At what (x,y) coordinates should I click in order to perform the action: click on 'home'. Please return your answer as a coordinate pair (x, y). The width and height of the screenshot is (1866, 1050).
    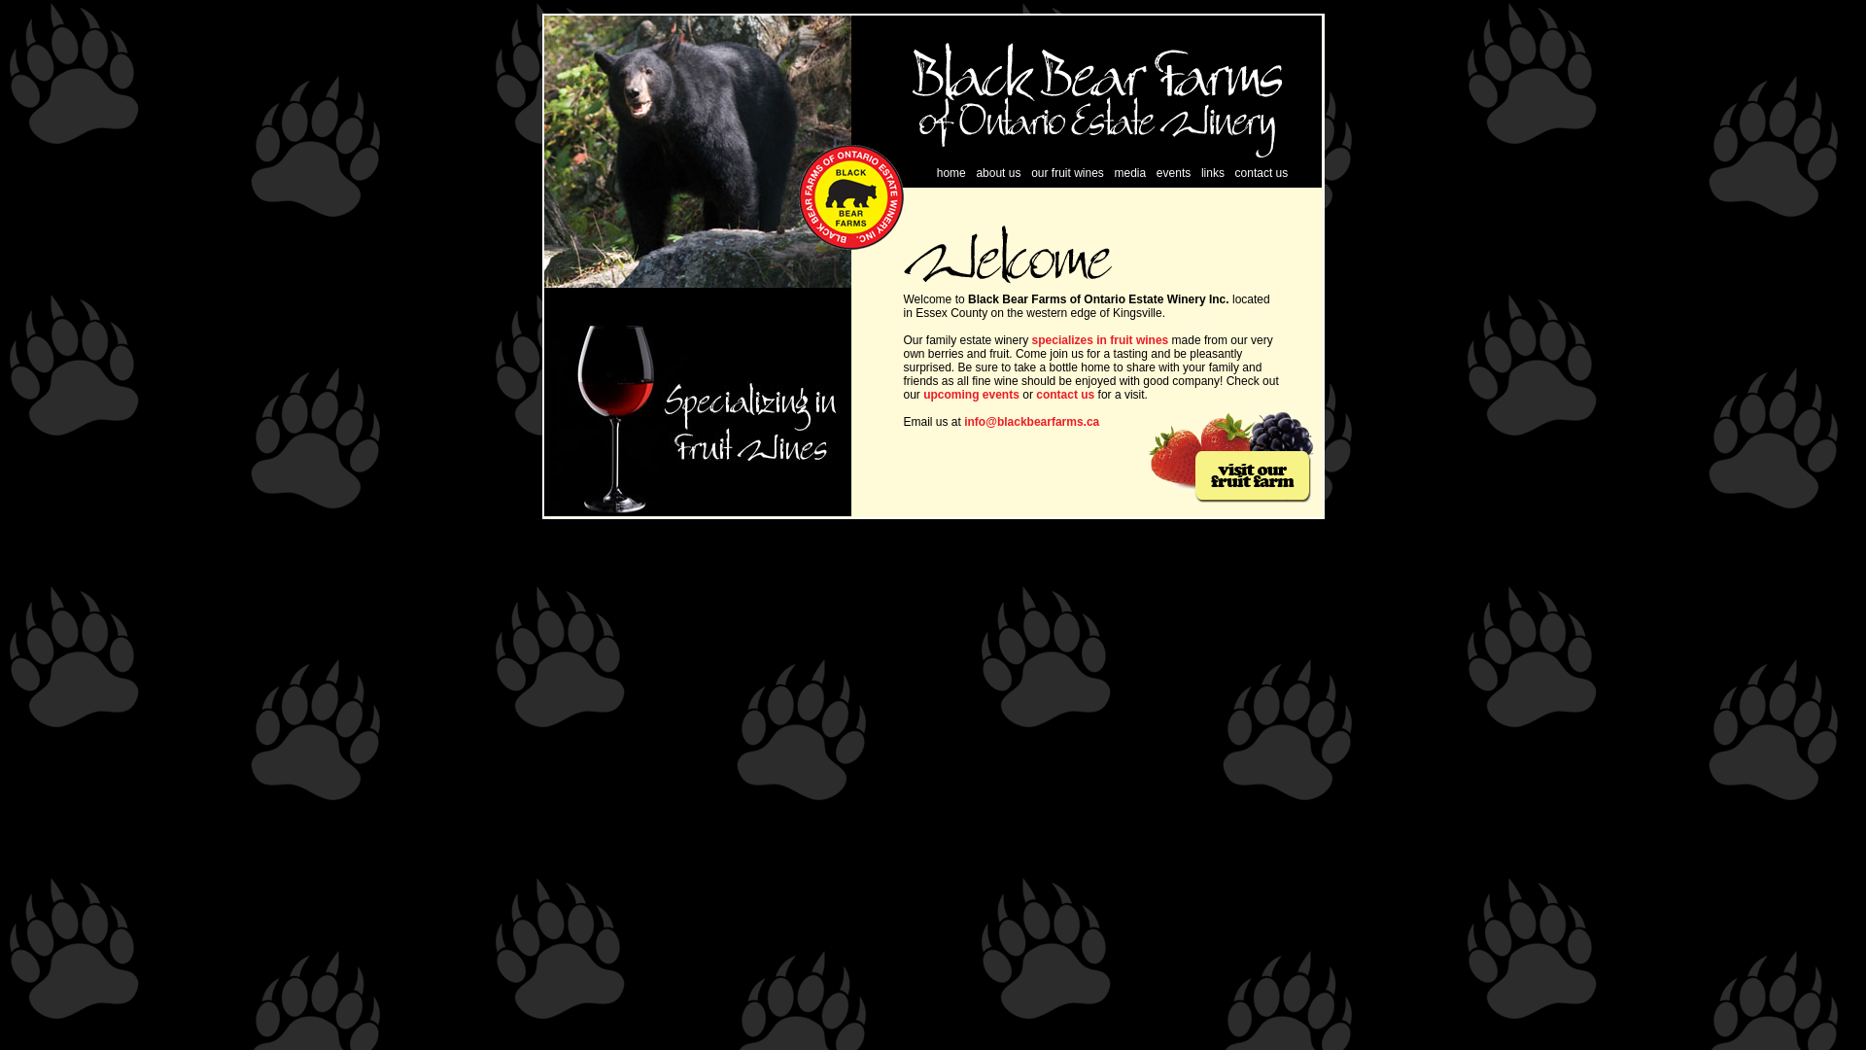
    Looking at the image, I should click on (951, 171).